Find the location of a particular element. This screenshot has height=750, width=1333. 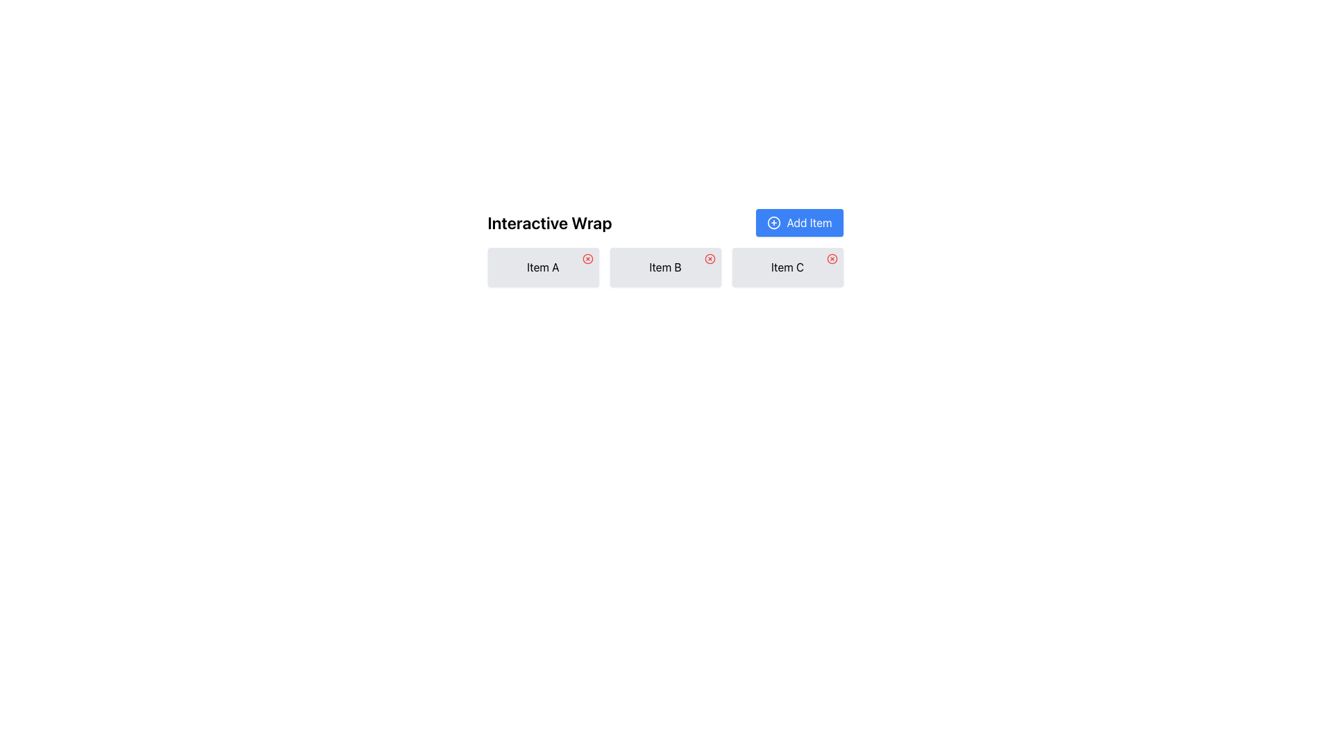

the Text Label that serves as a header or title for the section, located to the left of the 'Add Item' button and above the items labeled 'Item A,' 'Item B,' and 'Item C' is located at coordinates (549, 222).